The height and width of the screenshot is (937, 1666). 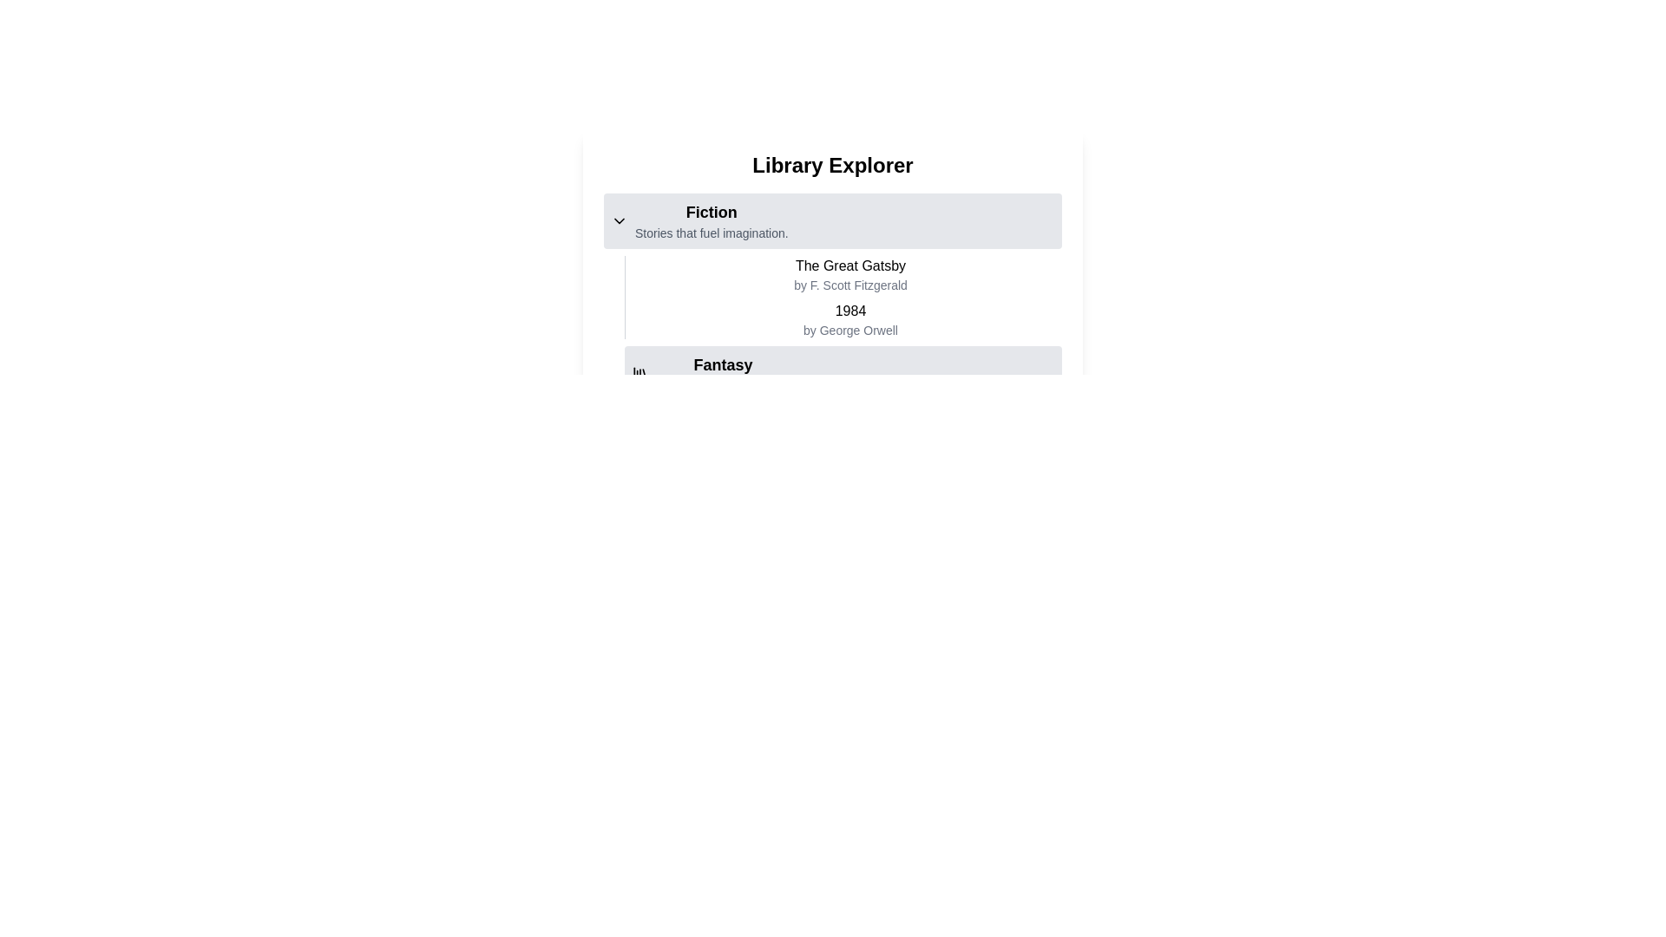 What do you see at coordinates (843, 328) in the screenshot?
I see `list of books and authors displayed in the 'Fiction' section, which includes 'The Great Gatsby' and '1984'` at bounding box center [843, 328].